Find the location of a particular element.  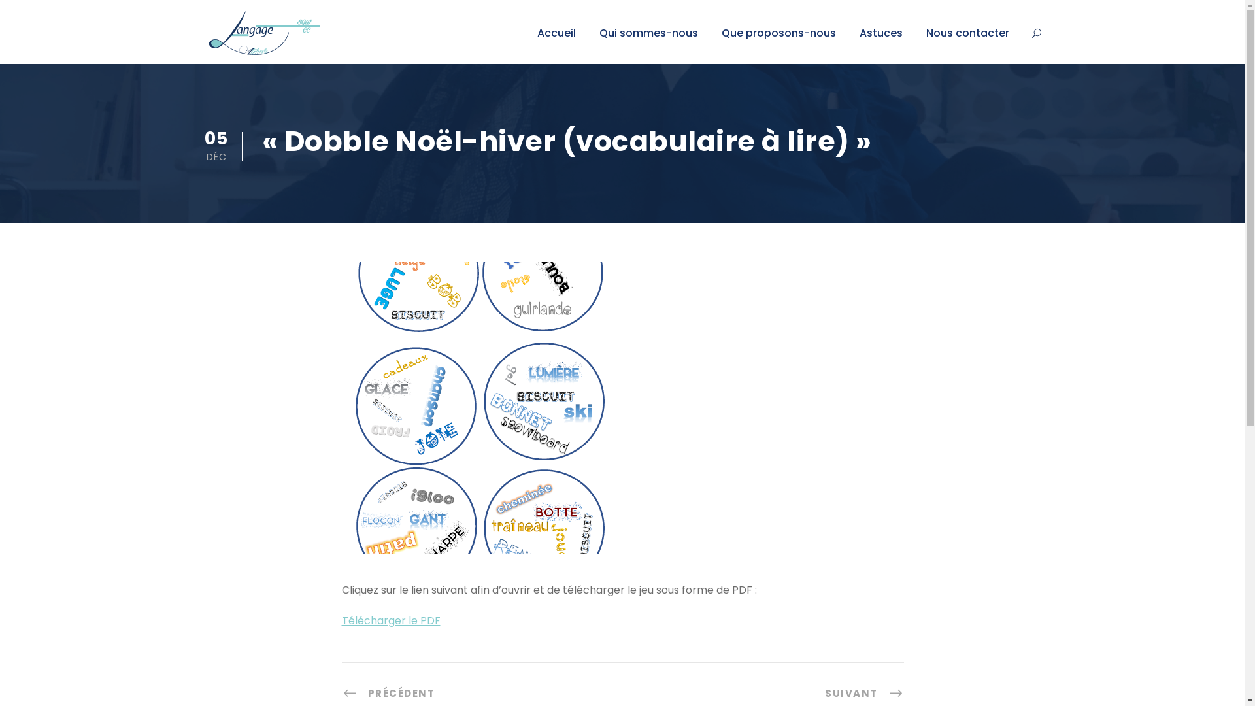

'SUIVANT' is located at coordinates (864, 692).